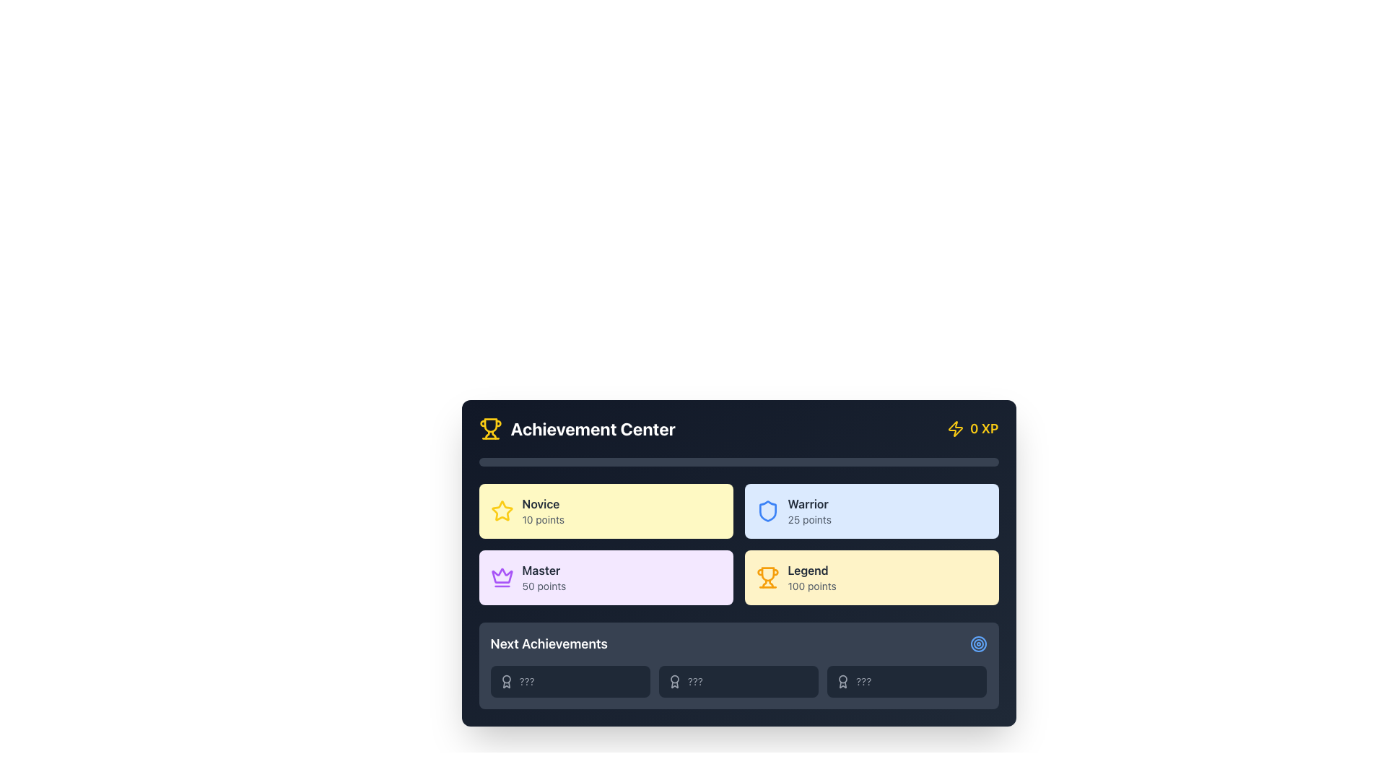 The image size is (1386, 780). I want to click on text label displaying '0 XP' in bold yellow font located near the top-right corner of the card interface, so click(983, 428).